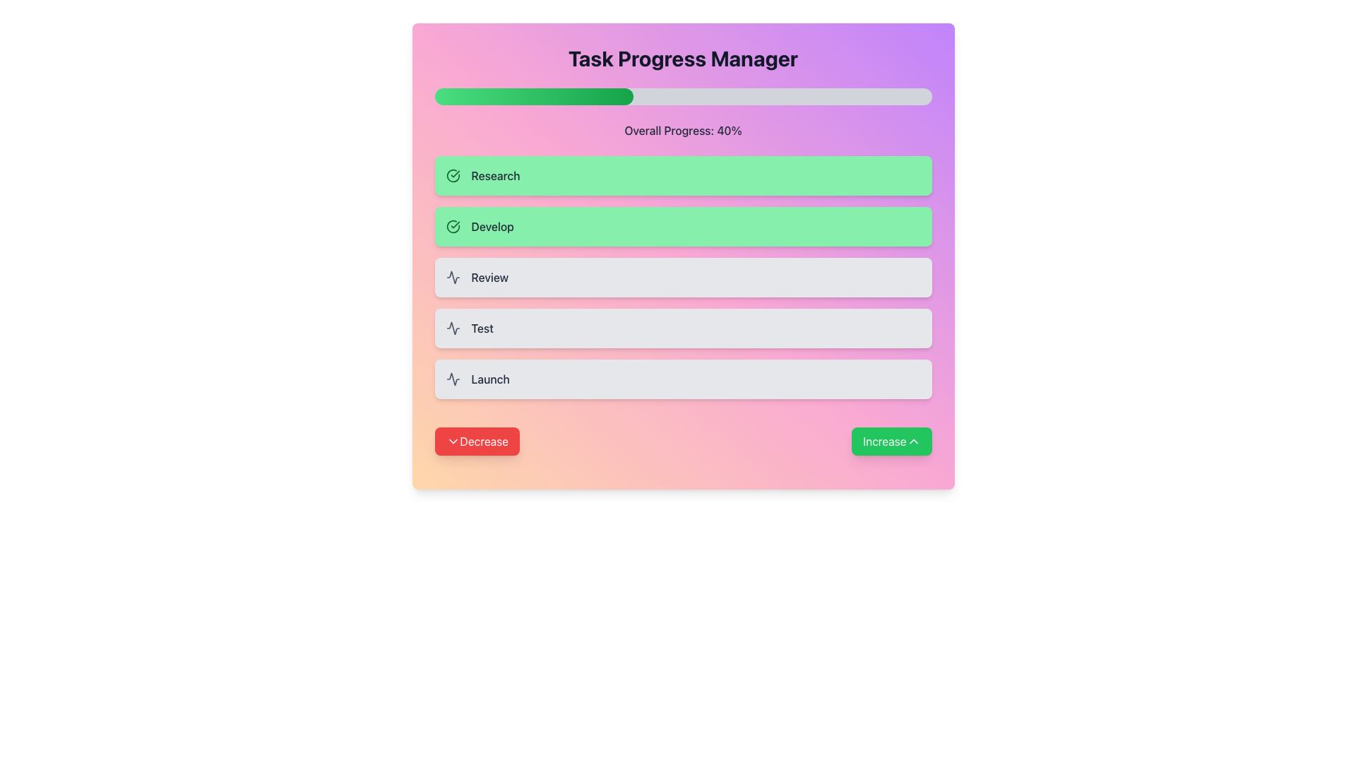 The image size is (1356, 763). What do you see at coordinates (533, 96) in the screenshot?
I see `the progress bar portion element, which is a horizontally elongated rectangle with rounded ends, displaying a gradient from light green to dark green, located within a wider gray progress bar near the top of the interface` at bounding box center [533, 96].